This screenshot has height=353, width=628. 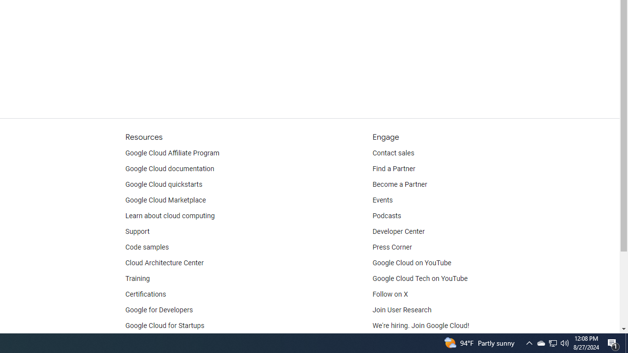 What do you see at coordinates (159, 310) in the screenshot?
I see `'Google for Developers'` at bounding box center [159, 310].